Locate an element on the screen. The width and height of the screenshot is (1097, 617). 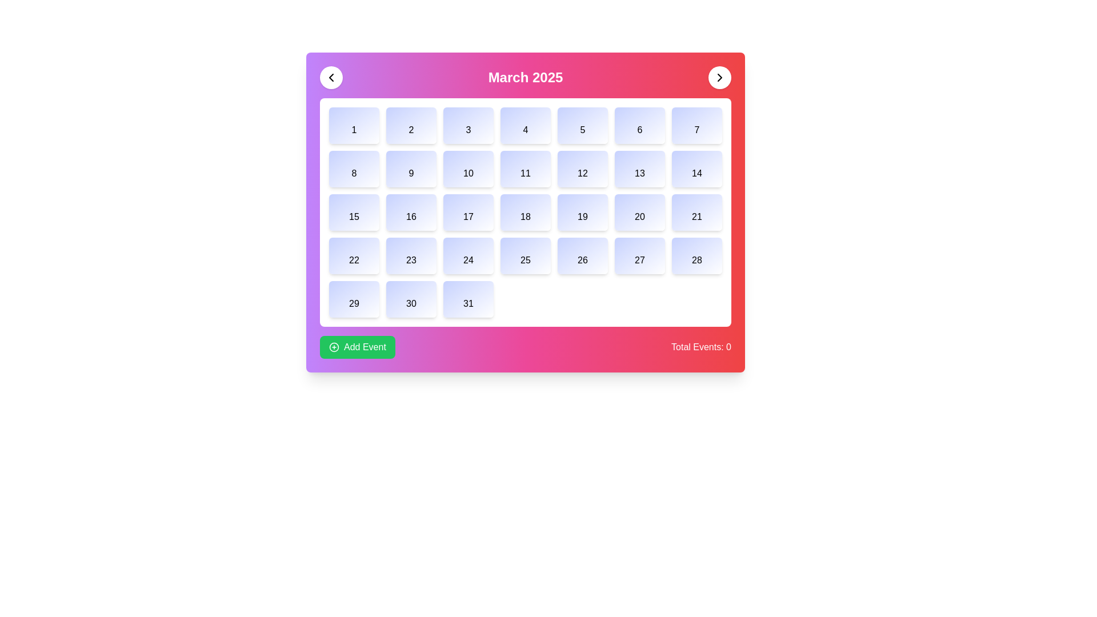
the icon within the 'Add Event' button, located to the left of the text 'Add Event' at the bottom-left corner of the calendar interface is located at coordinates (334, 347).